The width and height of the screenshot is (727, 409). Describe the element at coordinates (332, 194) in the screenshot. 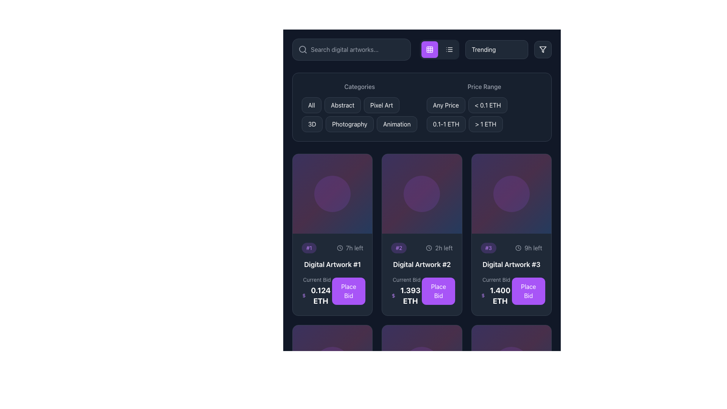

I see `the decorative circle positioned centrally within the first card of the second row in the grid` at that location.